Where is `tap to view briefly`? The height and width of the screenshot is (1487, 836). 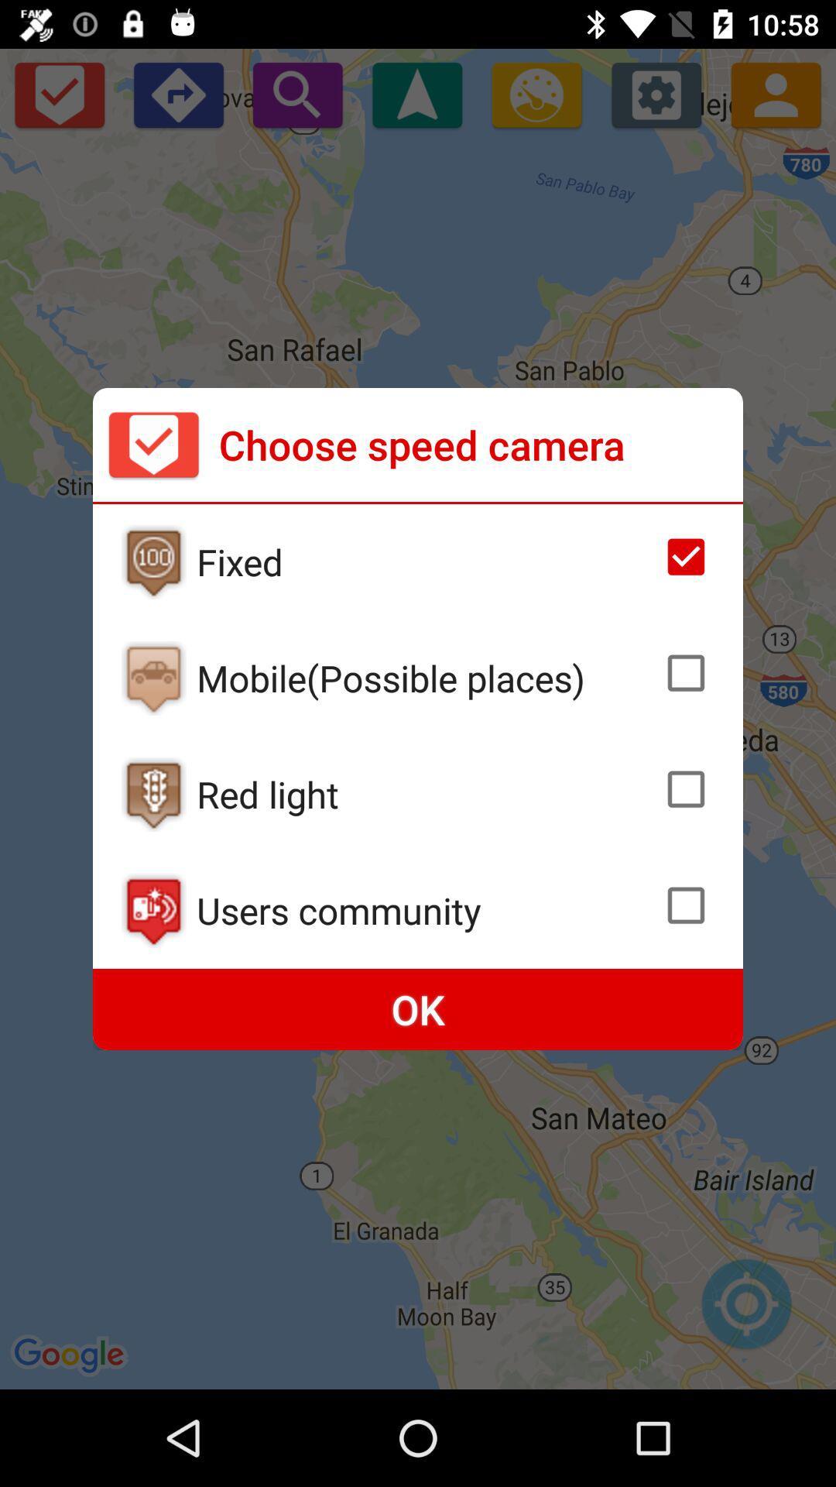
tap to view briefly is located at coordinates (153, 561).